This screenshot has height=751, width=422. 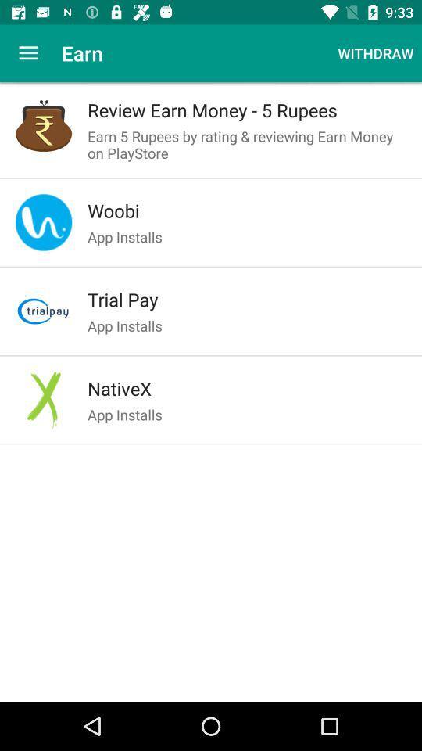 I want to click on withdraw at the top right corner, so click(x=374, y=53).